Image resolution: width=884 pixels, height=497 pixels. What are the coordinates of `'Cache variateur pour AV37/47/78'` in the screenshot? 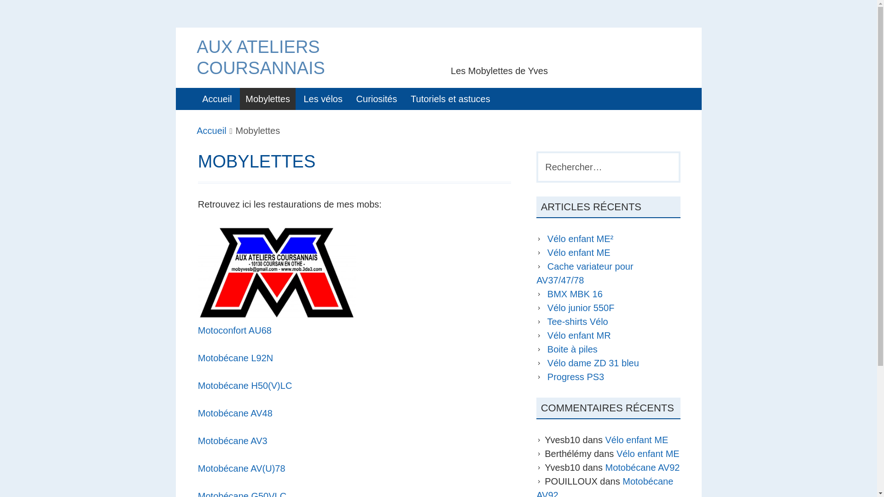 It's located at (584, 273).